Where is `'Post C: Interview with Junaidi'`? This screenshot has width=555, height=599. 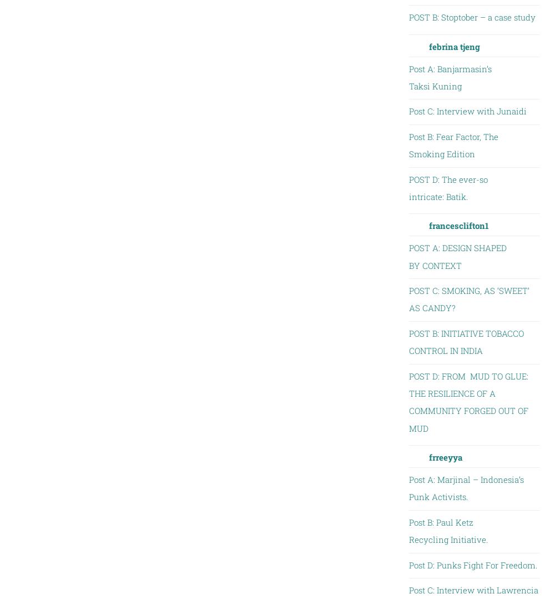 'Post C: Interview with Junaidi' is located at coordinates (467, 111).